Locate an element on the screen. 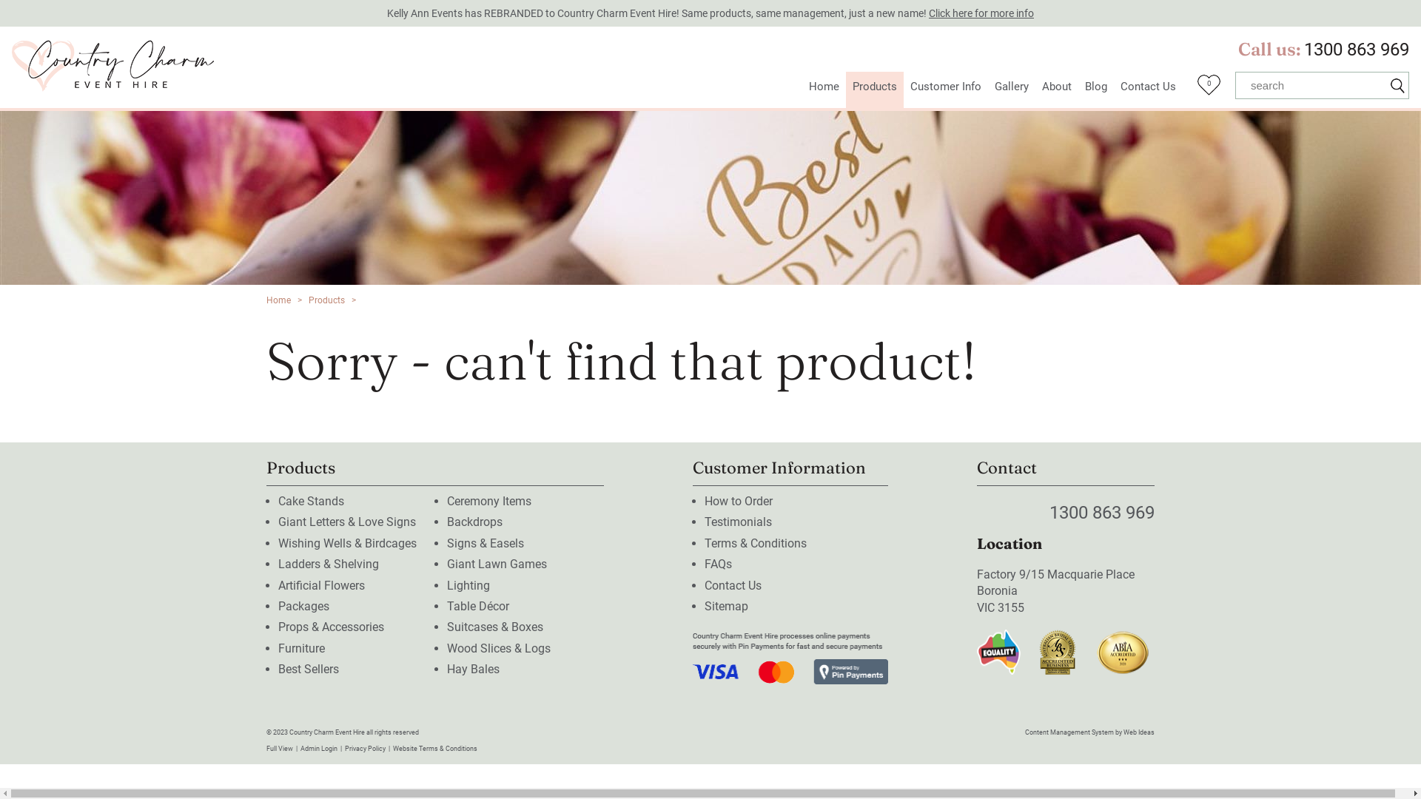  'Artificial Flowers' is located at coordinates (320, 584).